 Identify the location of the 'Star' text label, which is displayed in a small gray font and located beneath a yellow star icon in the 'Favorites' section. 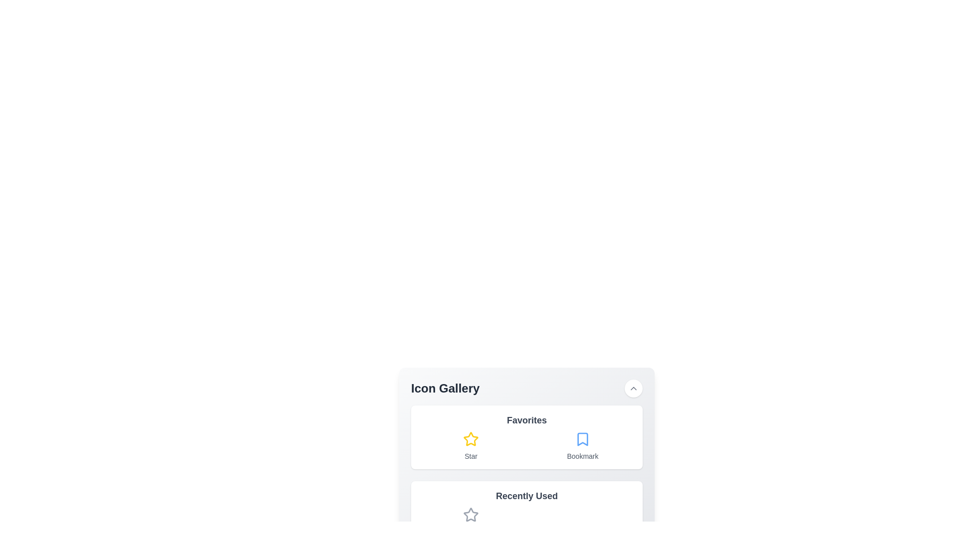
(471, 456).